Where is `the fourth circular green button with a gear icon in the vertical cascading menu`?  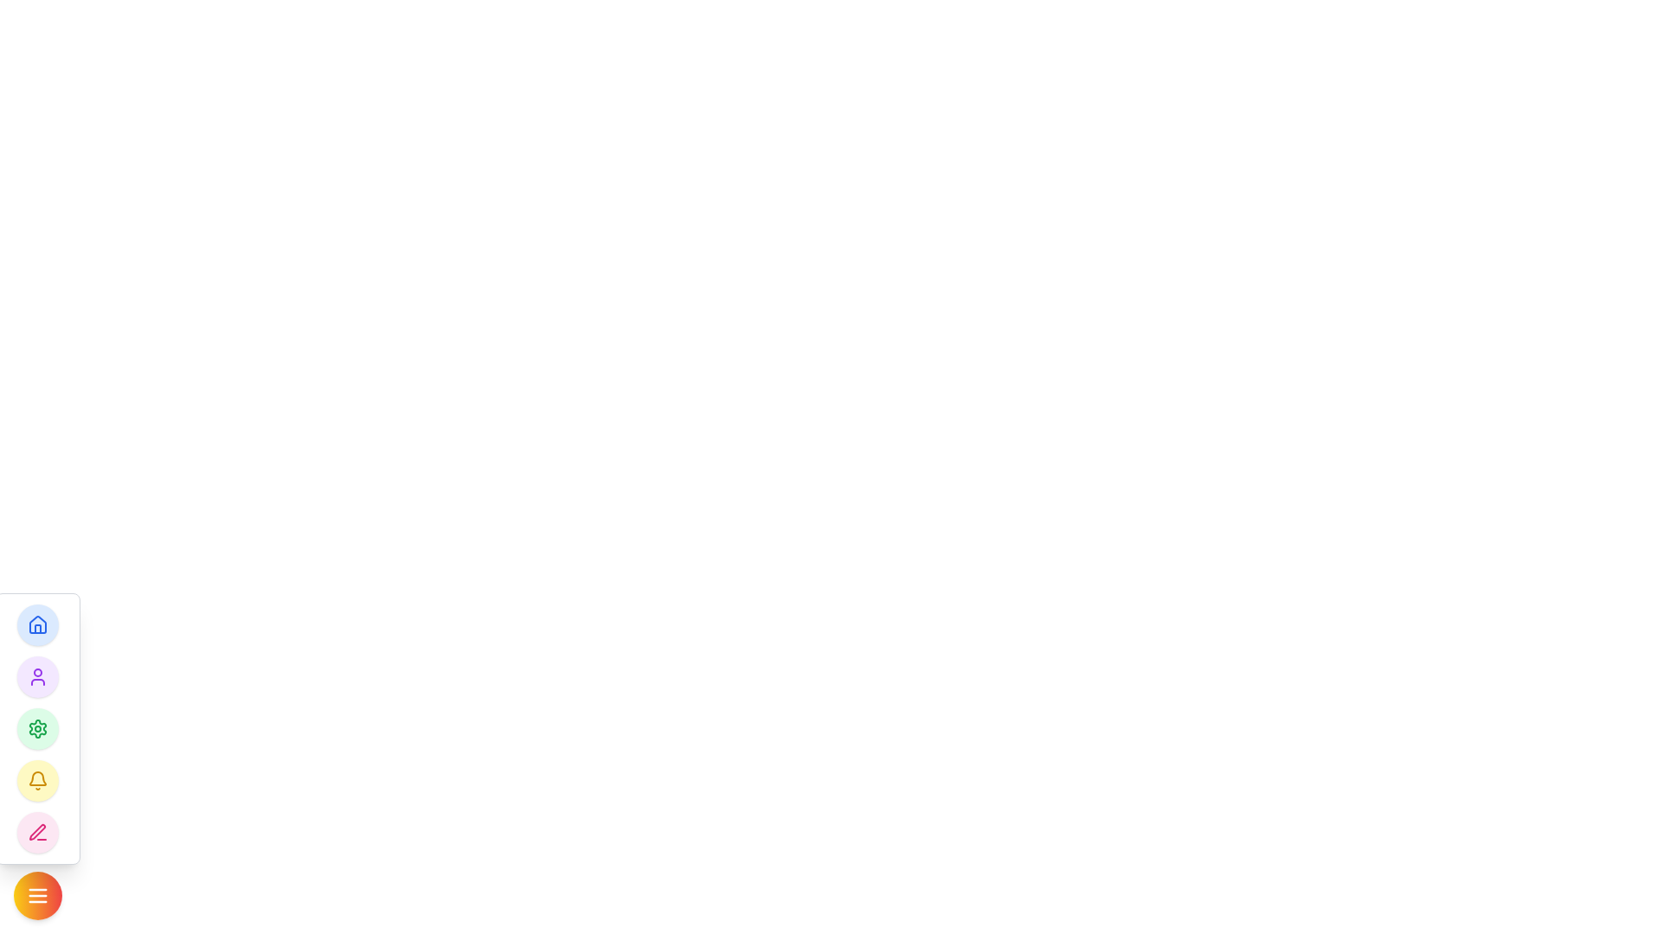
the fourth circular green button with a gear icon in the vertical cascading menu is located at coordinates (37, 729).